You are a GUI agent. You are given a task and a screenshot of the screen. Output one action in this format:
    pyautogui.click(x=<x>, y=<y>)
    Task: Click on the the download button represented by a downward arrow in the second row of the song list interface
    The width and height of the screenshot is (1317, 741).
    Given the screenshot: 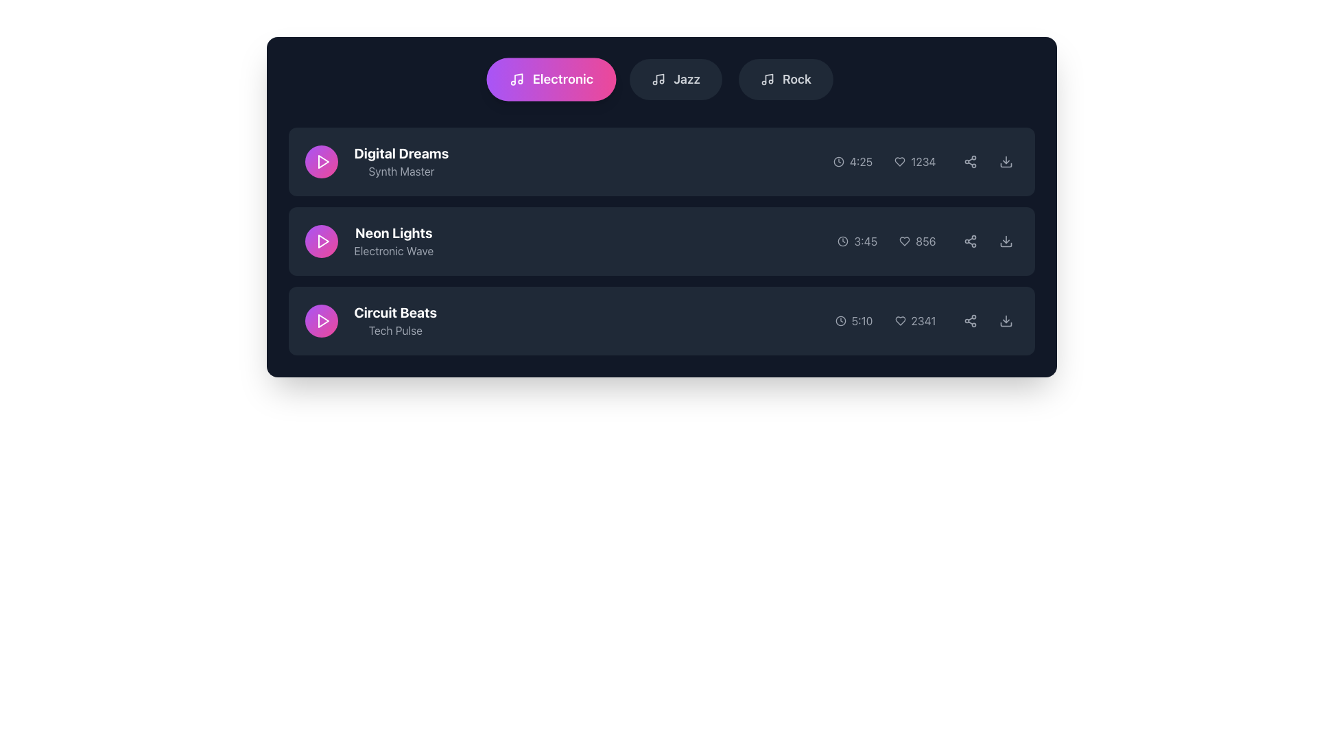 What is the action you would take?
    pyautogui.click(x=1006, y=240)
    